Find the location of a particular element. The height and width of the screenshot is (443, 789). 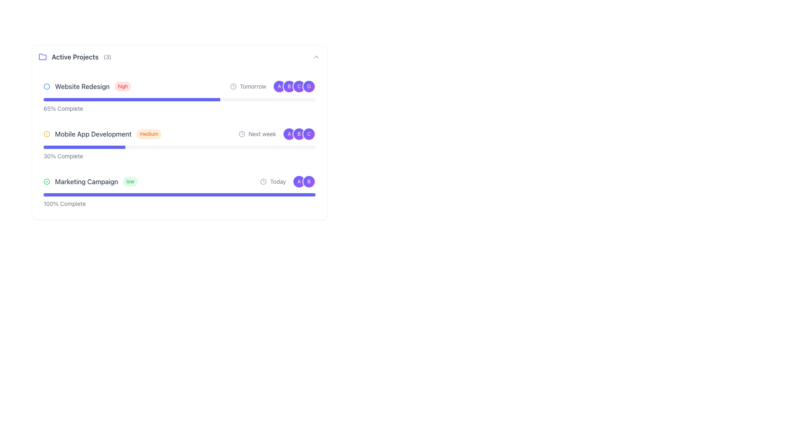

the icons in the Composite element displaying task scheduling information ('Next week') located to the right of the 'Mobile App Development' text in the second project under the 'Active Projects' section is located at coordinates (277, 134).